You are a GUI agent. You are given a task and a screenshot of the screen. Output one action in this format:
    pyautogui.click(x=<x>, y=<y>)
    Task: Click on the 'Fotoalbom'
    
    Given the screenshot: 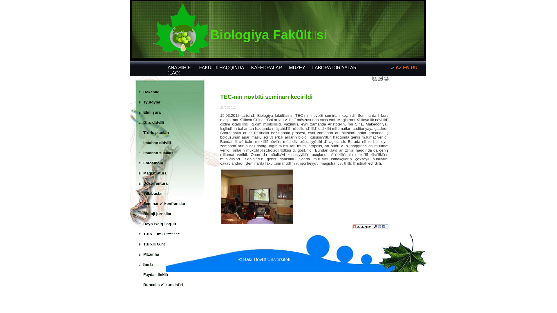 What is the action you would take?
    pyautogui.click(x=153, y=163)
    